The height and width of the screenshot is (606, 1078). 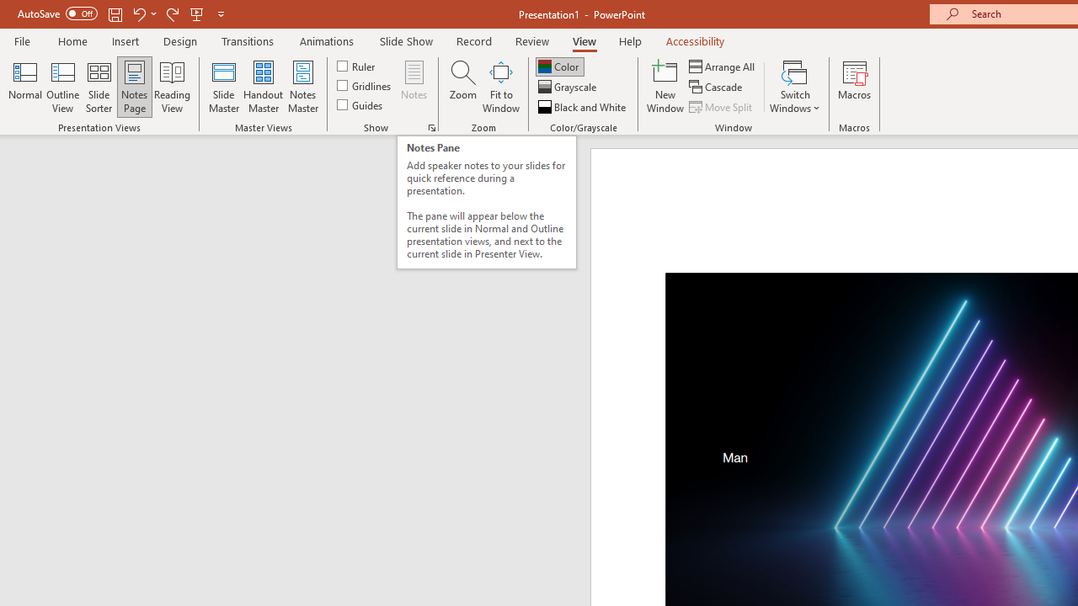 What do you see at coordinates (356, 65) in the screenshot?
I see `'Ruler'` at bounding box center [356, 65].